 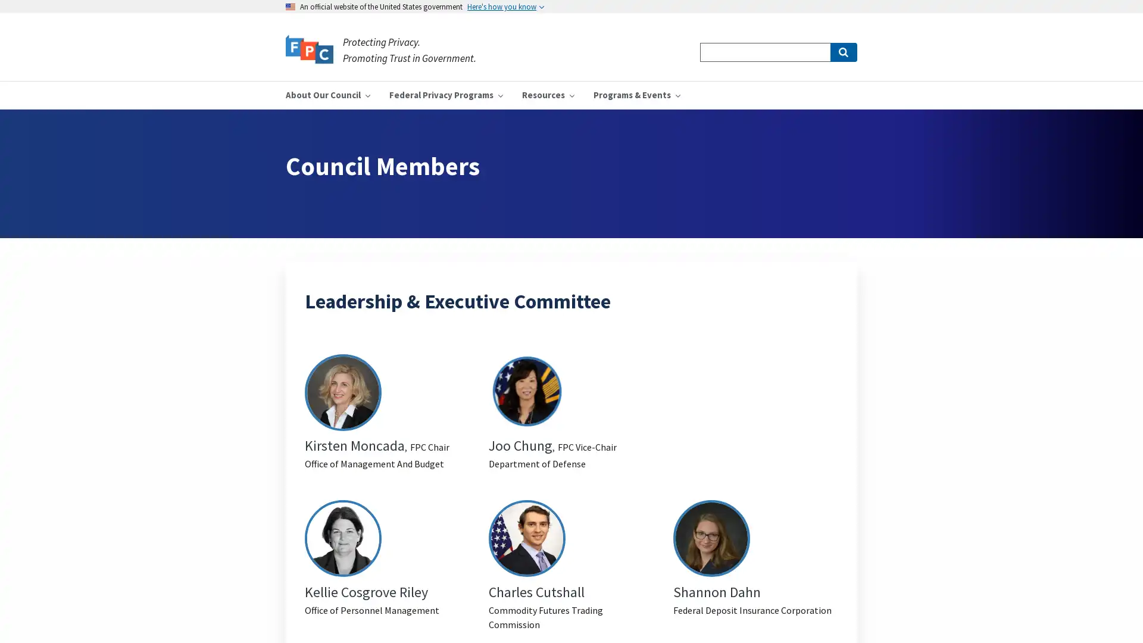 I want to click on About Our Council, so click(x=328, y=94).